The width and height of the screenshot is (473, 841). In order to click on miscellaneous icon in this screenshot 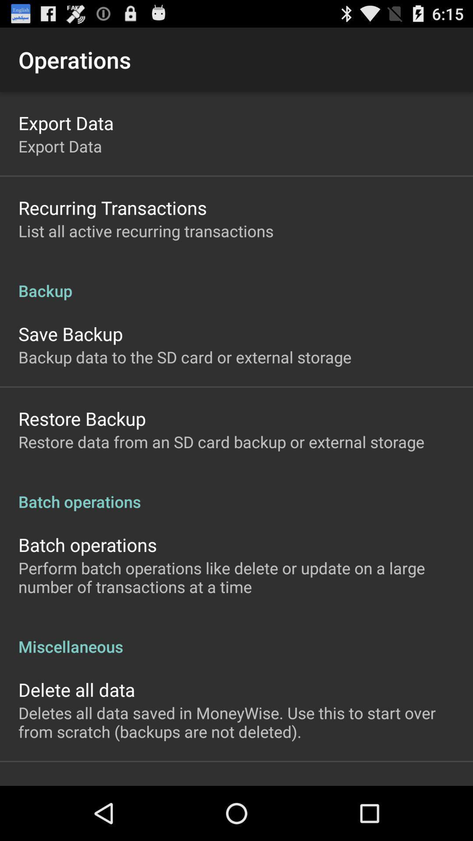, I will do `click(236, 637)`.